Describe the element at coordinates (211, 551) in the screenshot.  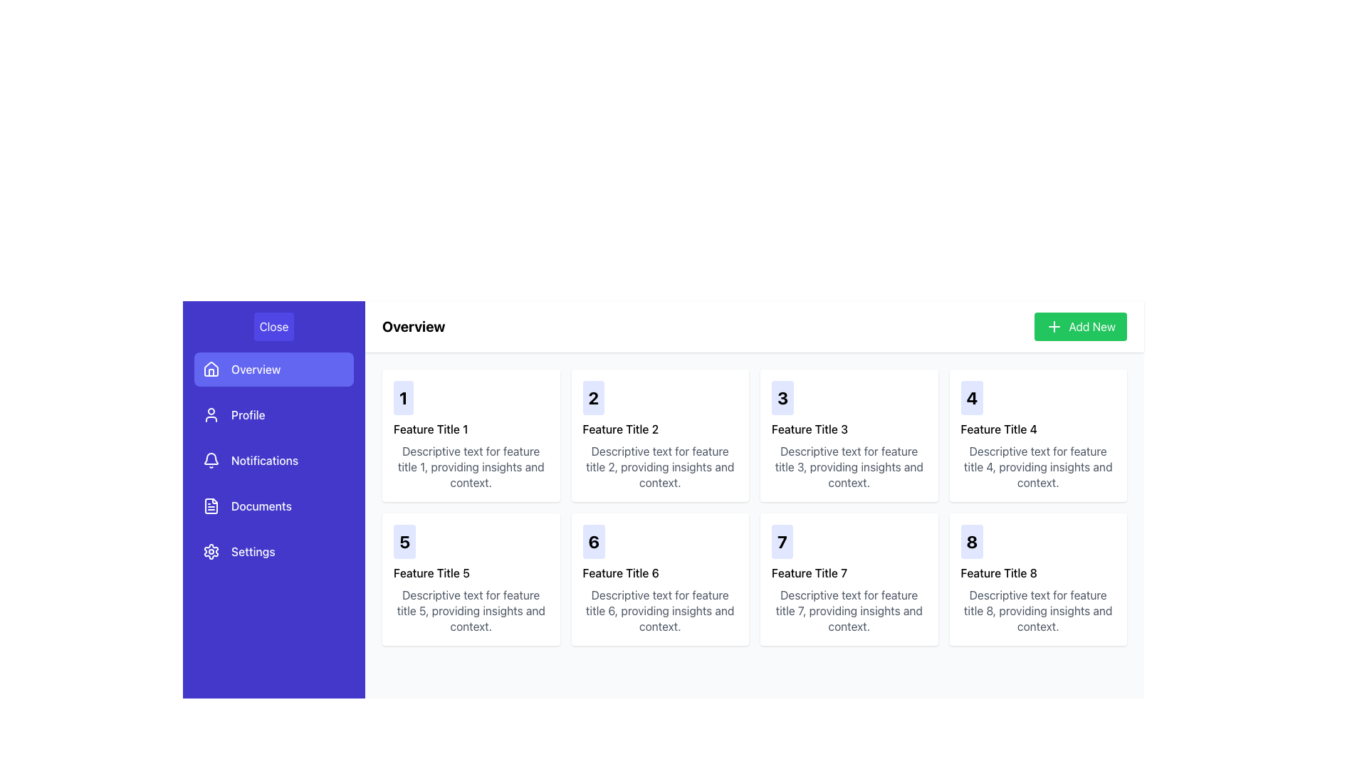
I see `the 'Settings' icon located in the vertical navigation menu on the left-hand side` at that location.